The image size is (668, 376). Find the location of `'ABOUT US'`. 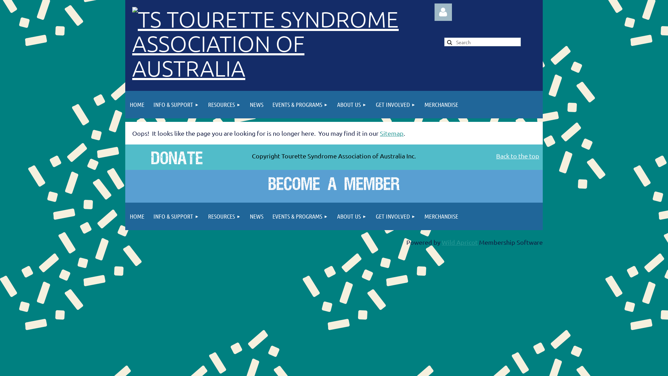

'ABOUT US' is located at coordinates (332, 104).